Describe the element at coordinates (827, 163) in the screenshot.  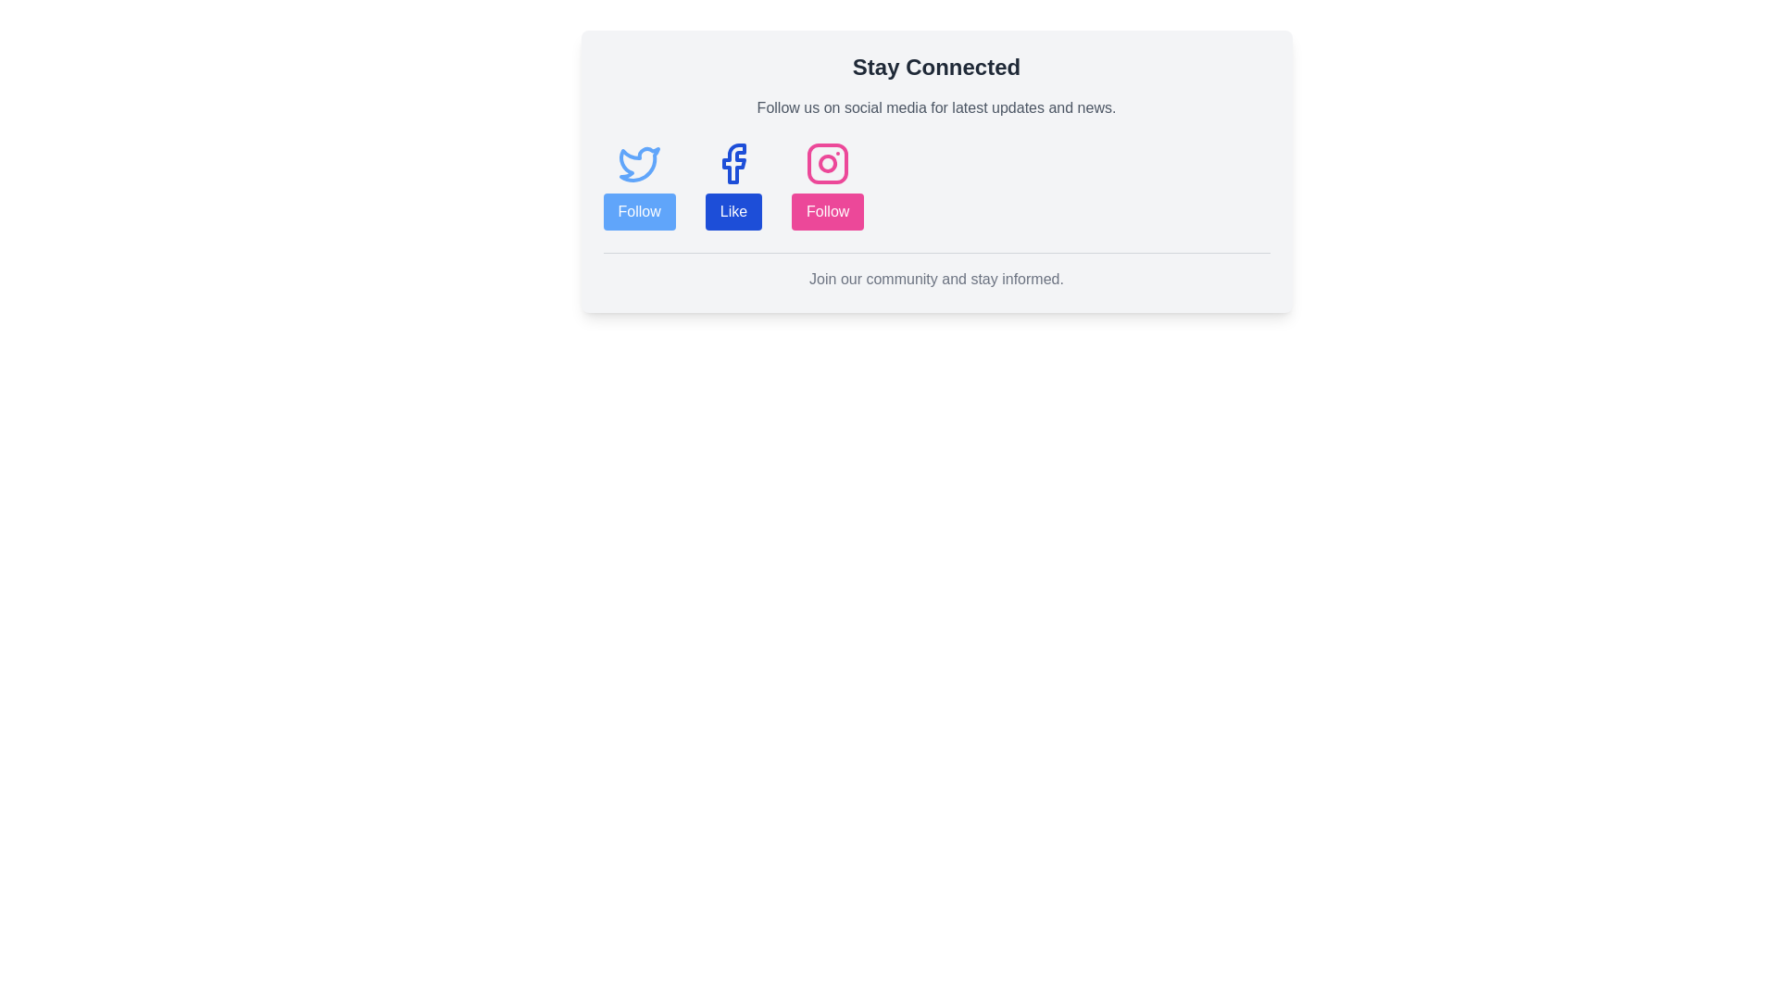
I see `the Instagram icon located in the third position of the social media icons row` at that location.